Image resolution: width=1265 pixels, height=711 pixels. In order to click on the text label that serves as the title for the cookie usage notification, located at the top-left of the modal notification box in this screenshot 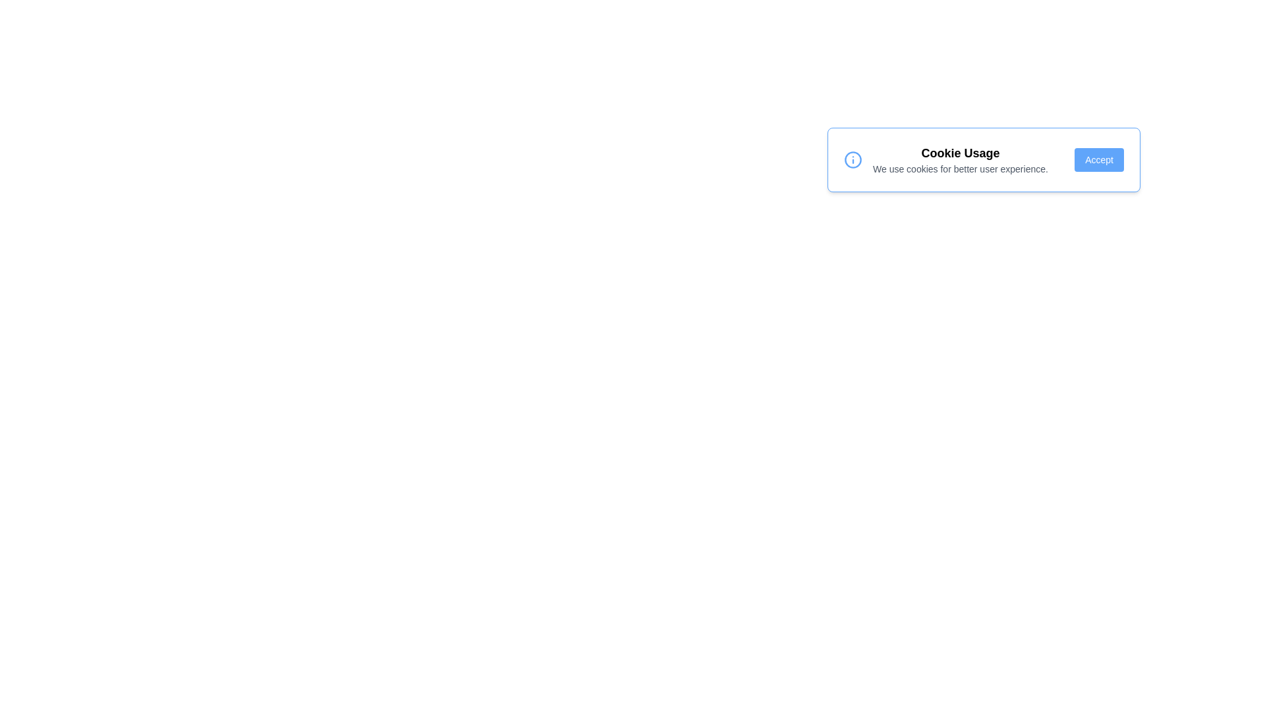, I will do `click(960, 152)`.